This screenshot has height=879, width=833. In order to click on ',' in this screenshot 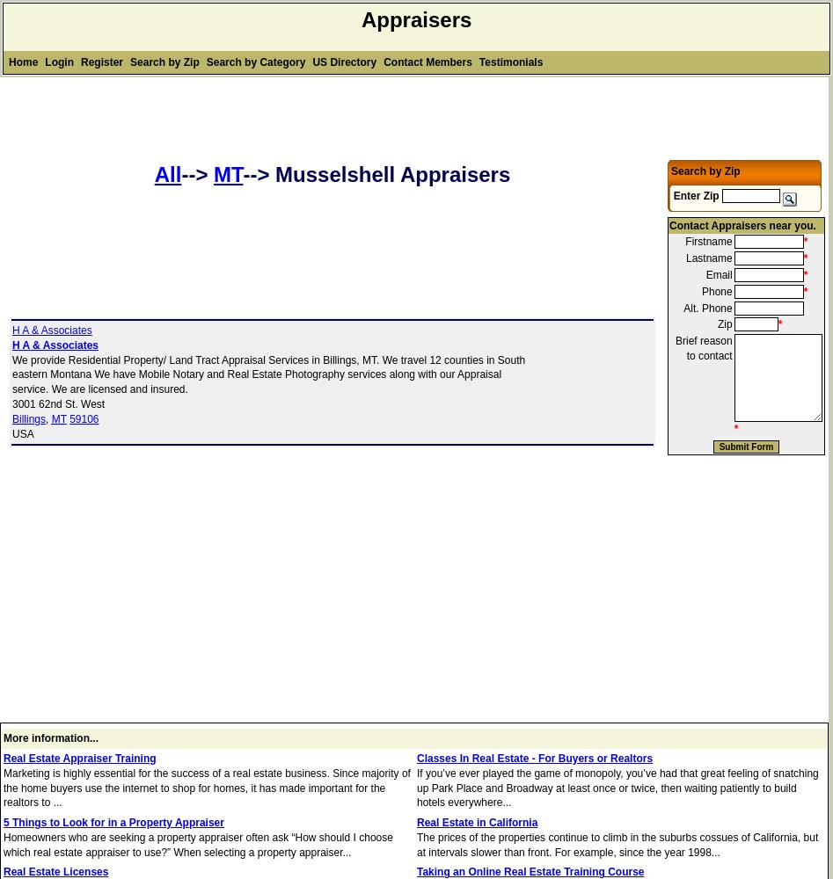, I will do `click(48, 418)`.